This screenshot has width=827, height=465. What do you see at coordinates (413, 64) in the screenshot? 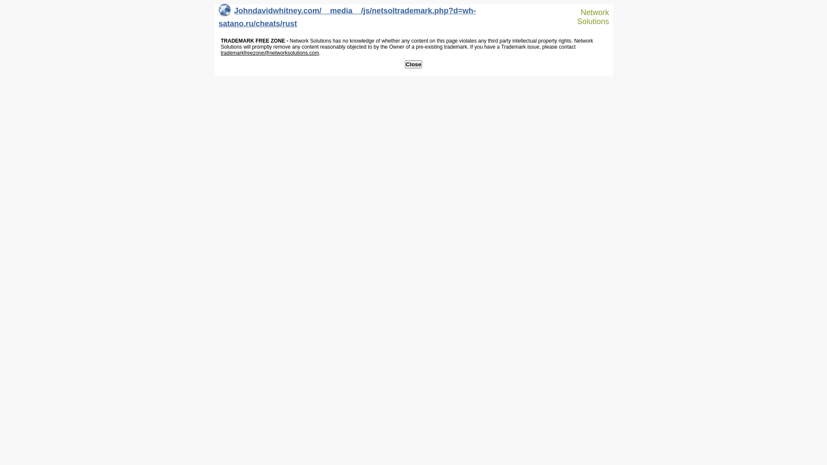
I see `'Close'` at bounding box center [413, 64].